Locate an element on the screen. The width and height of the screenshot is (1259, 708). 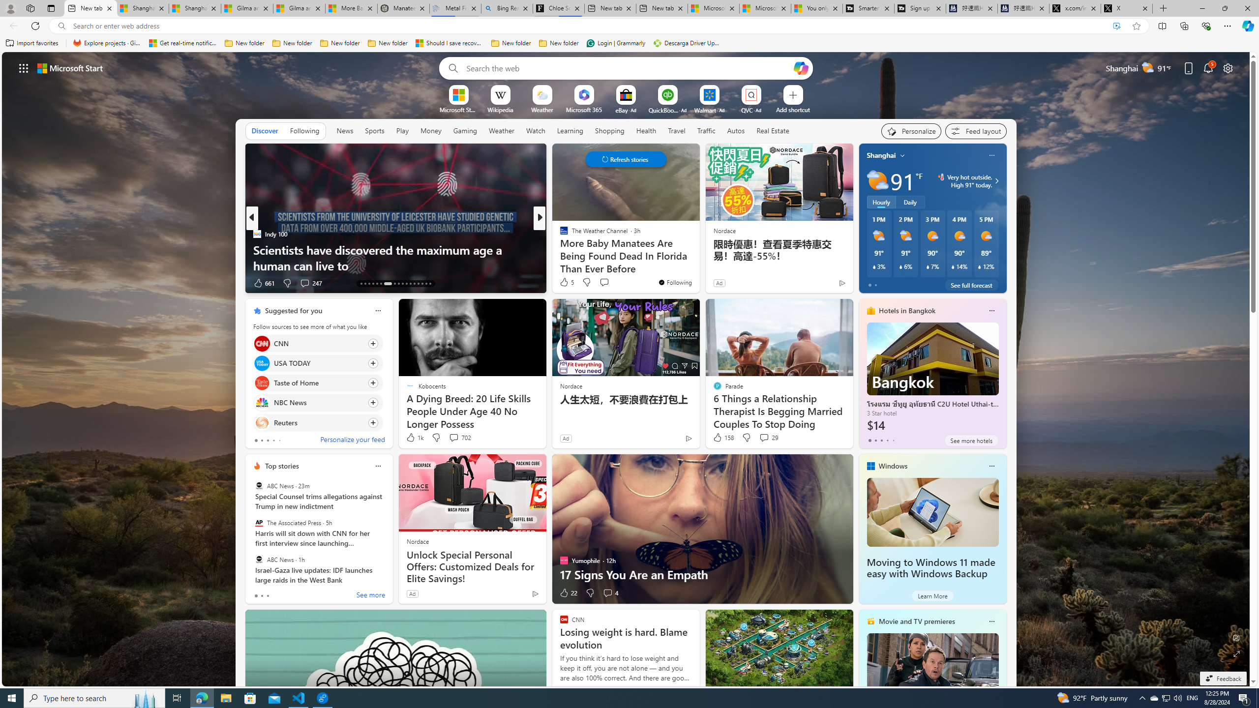
'Money' is located at coordinates (430, 130).